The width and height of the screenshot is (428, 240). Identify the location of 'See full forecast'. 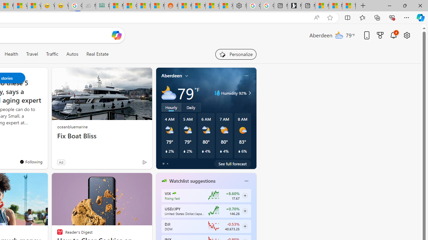
(232, 164).